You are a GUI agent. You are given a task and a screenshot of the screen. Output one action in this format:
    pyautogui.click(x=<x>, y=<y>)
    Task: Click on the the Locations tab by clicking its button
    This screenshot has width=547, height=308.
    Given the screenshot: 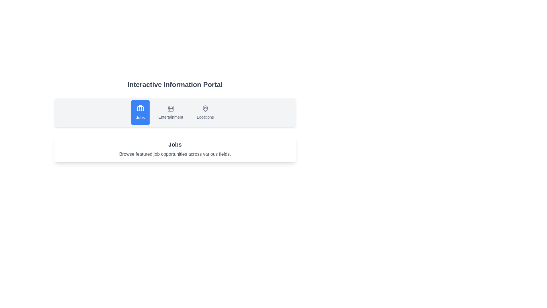 What is the action you would take?
    pyautogui.click(x=205, y=112)
    